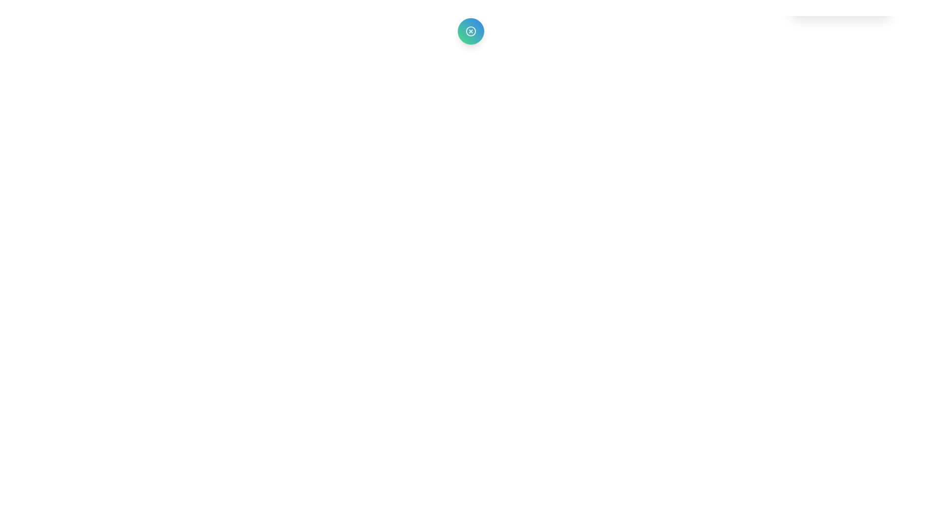 The image size is (942, 530). I want to click on floating action button to toggle the menu, so click(470, 31).